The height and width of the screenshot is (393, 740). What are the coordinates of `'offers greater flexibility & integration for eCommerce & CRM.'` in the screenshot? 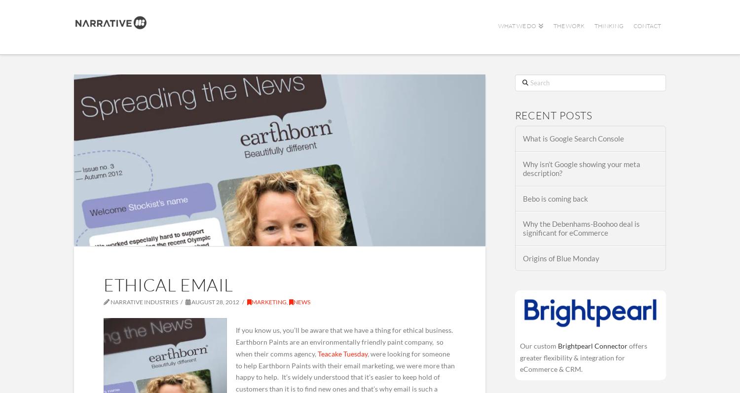 It's located at (583, 357).